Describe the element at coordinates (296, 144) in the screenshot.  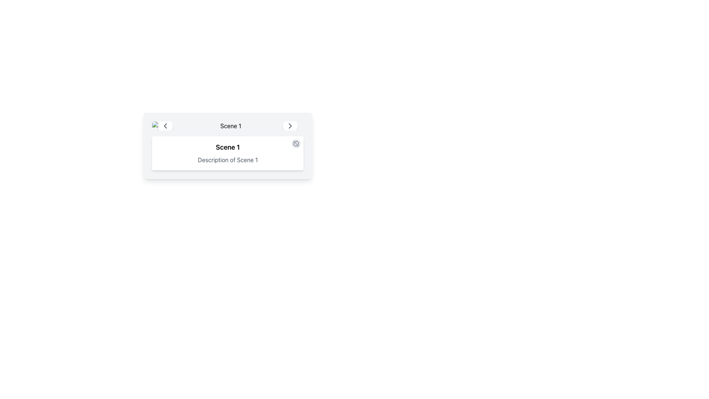
I see `the toggle button in the top-right corner of the card` at that location.